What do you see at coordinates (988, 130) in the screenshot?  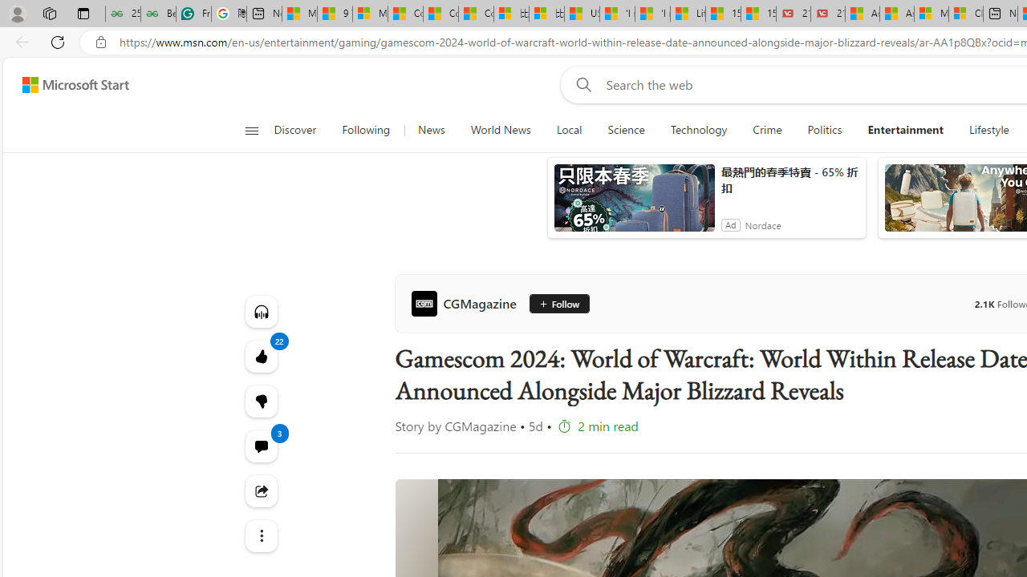 I see `'Lifestyle'` at bounding box center [988, 130].